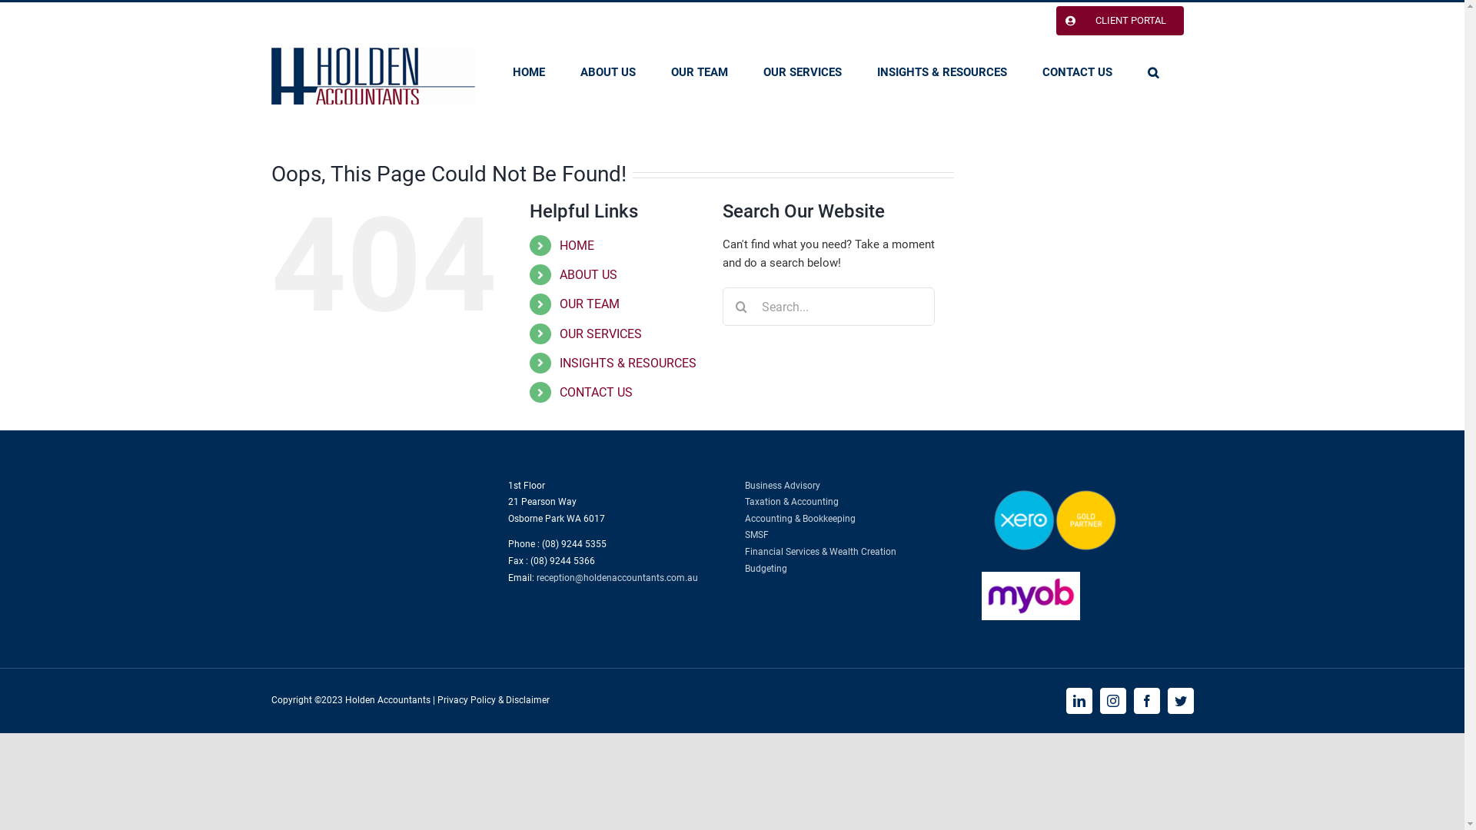  Describe the element at coordinates (1146, 700) in the screenshot. I see `'Facebook'` at that location.